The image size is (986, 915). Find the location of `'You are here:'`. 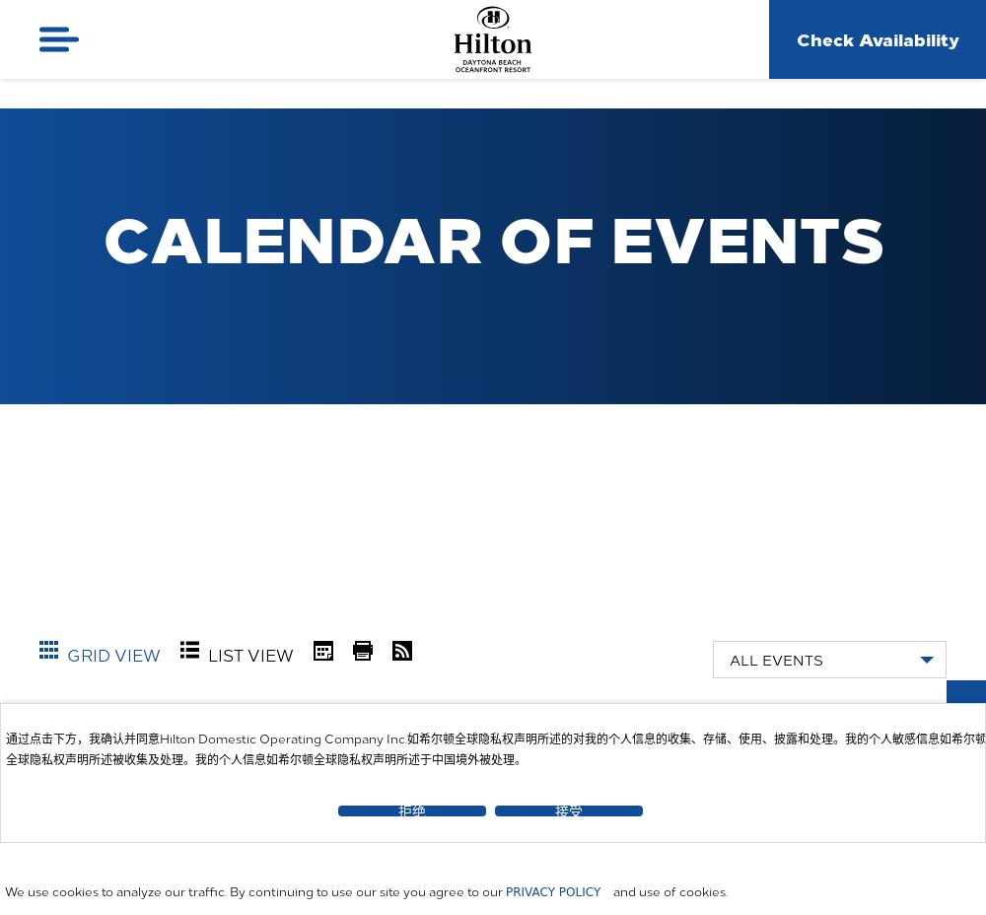

'You are here:' is located at coordinates (91, 721).